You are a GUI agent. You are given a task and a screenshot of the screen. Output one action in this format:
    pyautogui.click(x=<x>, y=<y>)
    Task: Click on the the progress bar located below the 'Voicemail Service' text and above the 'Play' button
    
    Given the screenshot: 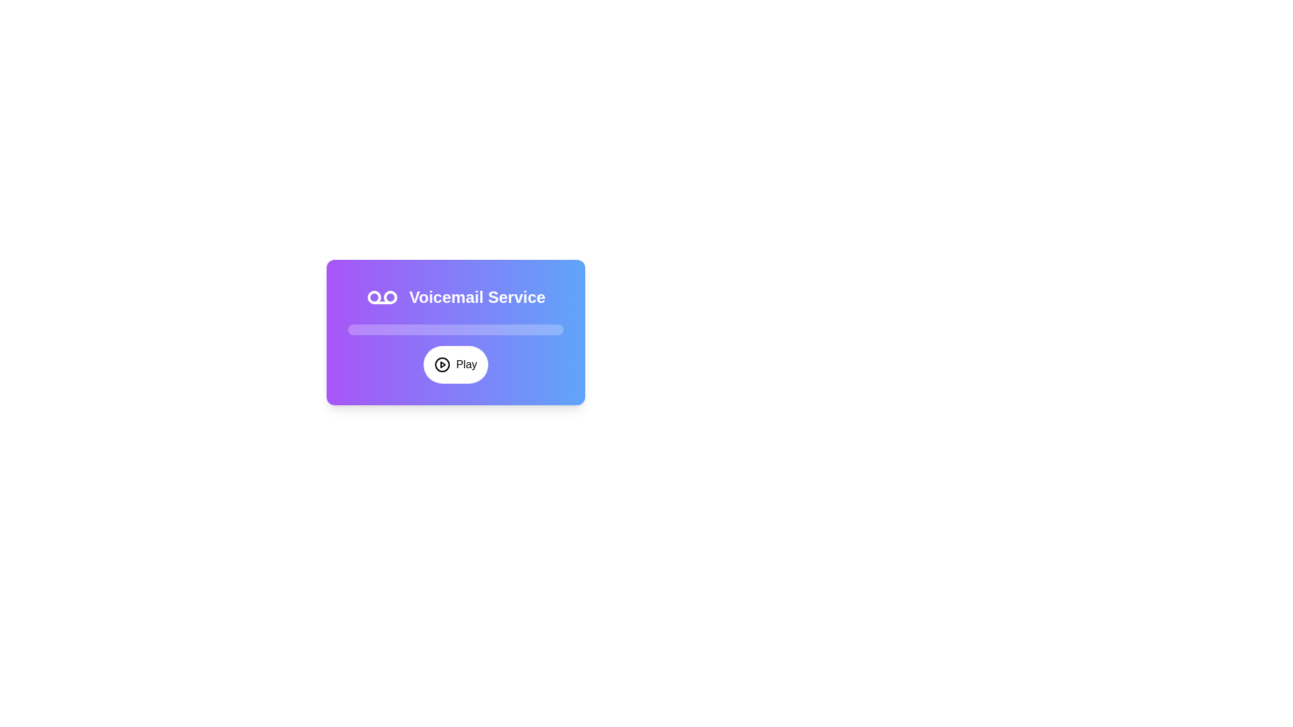 What is the action you would take?
    pyautogui.click(x=455, y=329)
    